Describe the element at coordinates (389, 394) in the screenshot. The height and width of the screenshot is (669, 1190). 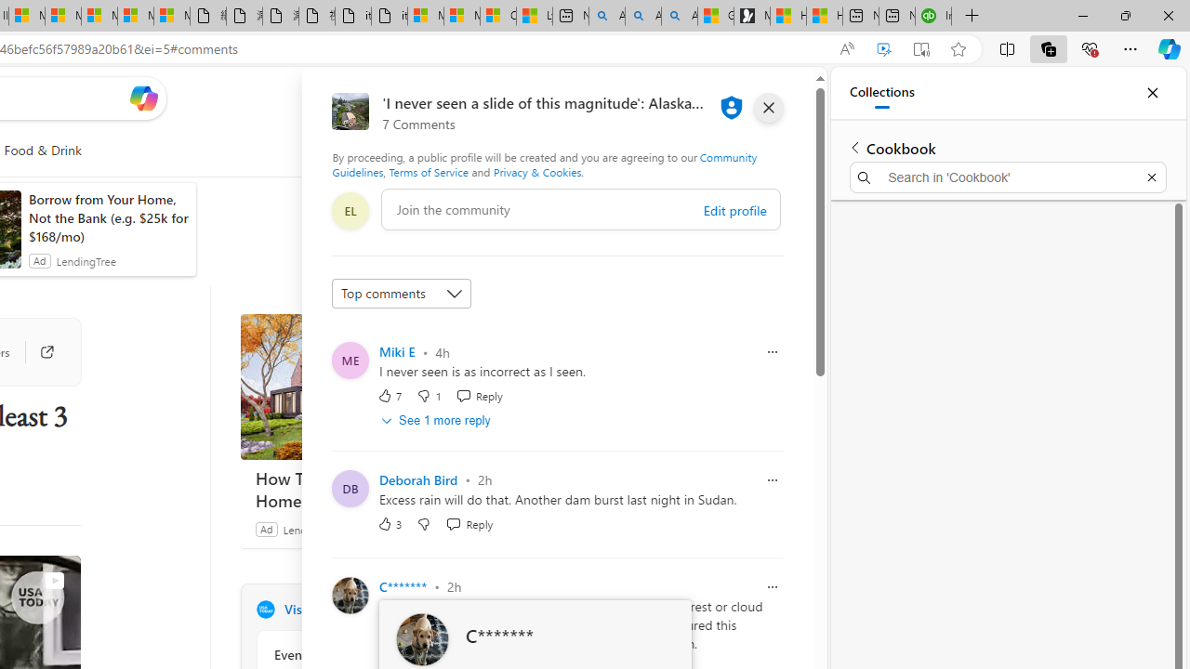
I see `'7 Like'` at that location.